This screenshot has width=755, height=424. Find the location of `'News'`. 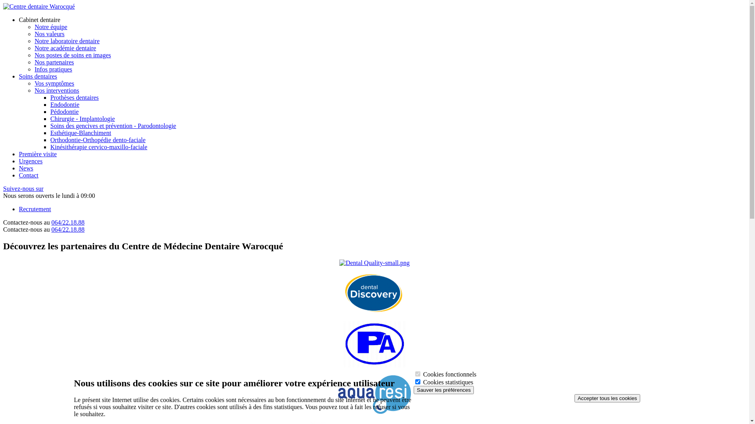

'News' is located at coordinates (26, 168).